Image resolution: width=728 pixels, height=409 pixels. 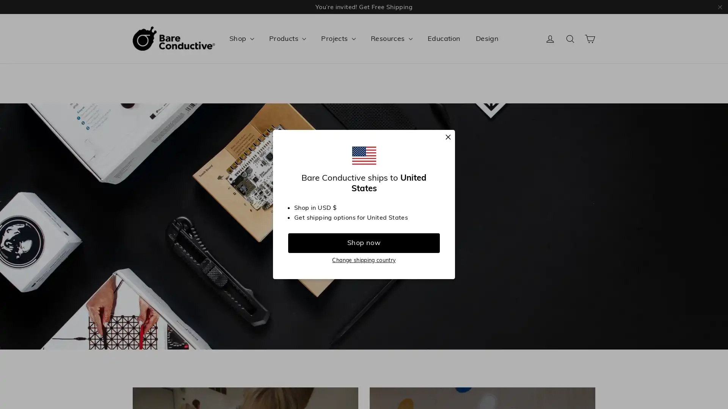 What do you see at coordinates (364, 242) in the screenshot?
I see `Shop now` at bounding box center [364, 242].